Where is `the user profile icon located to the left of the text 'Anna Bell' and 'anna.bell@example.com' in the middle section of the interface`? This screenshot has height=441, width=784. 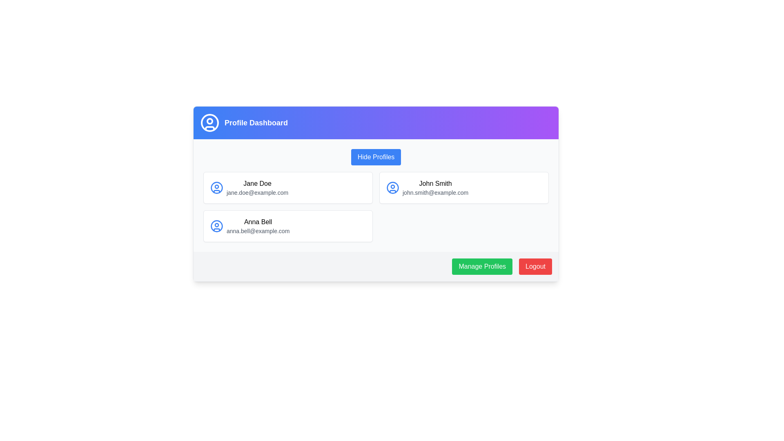
the user profile icon located to the left of the text 'Anna Bell' and 'anna.bell@example.com' in the middle section of the interface is located at coordinates (217, 226).